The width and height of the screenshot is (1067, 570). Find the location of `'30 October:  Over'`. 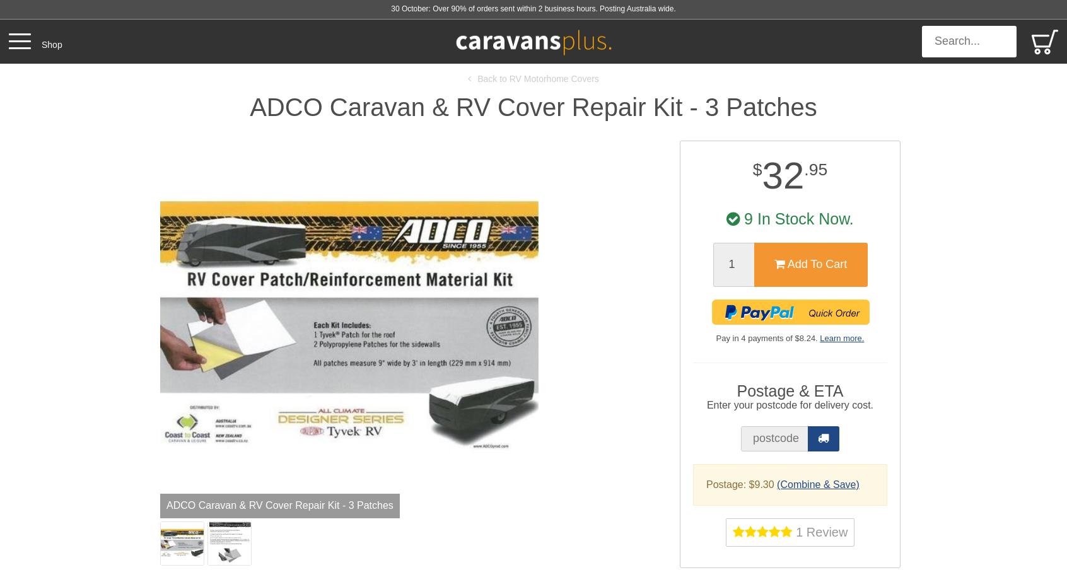

'30 October:  Over' is located at coordinates (390, 8).